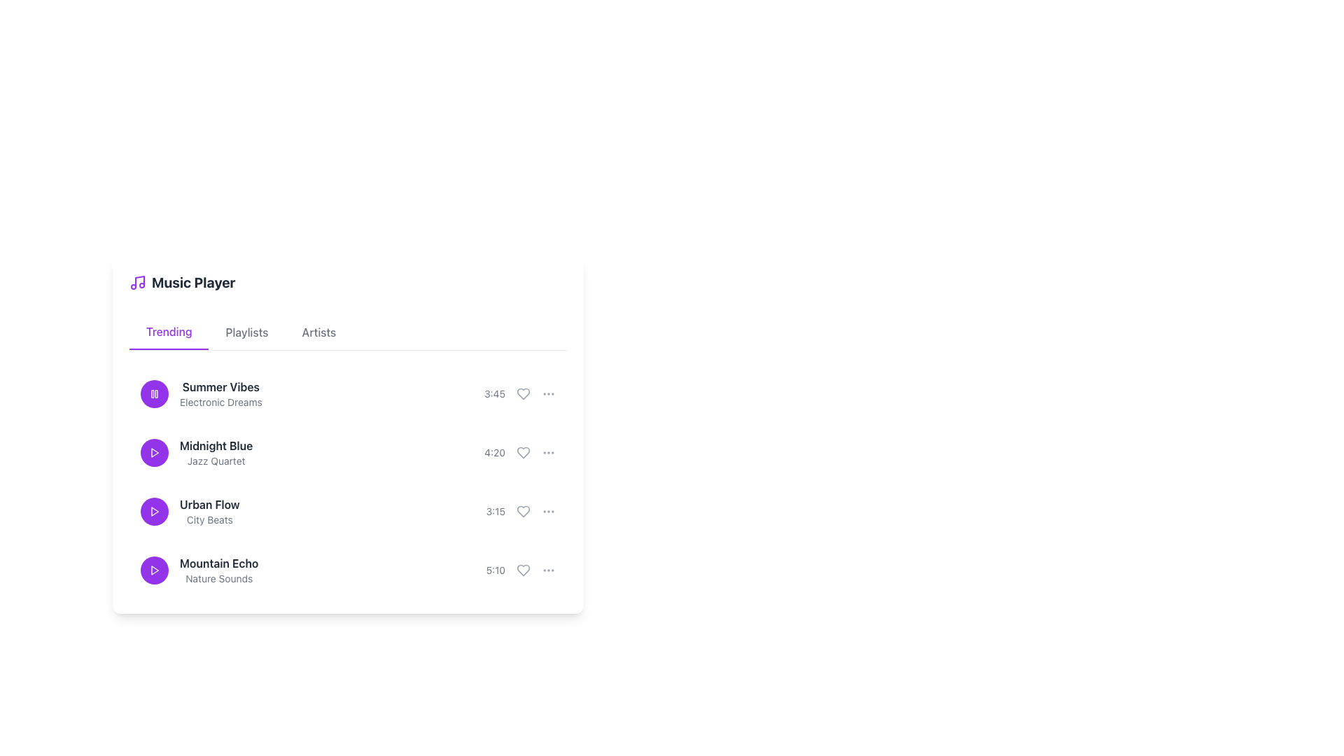  What do you see at coordinates (218, 578) in the screenshot?
I see `the text label 'Nature Sounds' located beneath the title 'Mountain Echo' in the 'Trending' tab of the music player interface` at bounding box center [218, 578].